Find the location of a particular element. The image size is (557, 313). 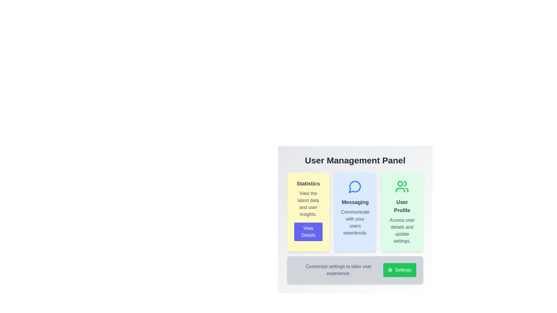

the Informational Card labeled 'User Profile', which has a light green background and features an icon of two stylized figures at the top, followed by the description 'Access user details and update settings.' is located at coordinates (402, 212).